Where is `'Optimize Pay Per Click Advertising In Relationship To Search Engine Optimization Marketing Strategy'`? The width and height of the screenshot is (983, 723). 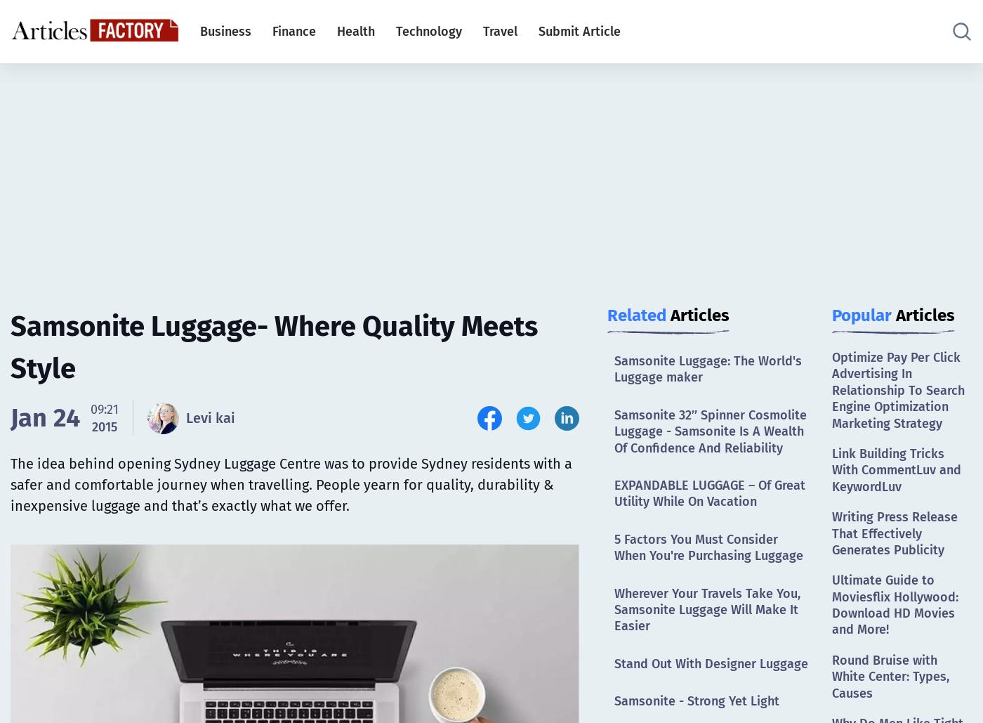
'Optimize Pay Per Click Advertising In Relationship To Search Engine Optimization Marketing Strategy' is located at coordinates (898, 389).